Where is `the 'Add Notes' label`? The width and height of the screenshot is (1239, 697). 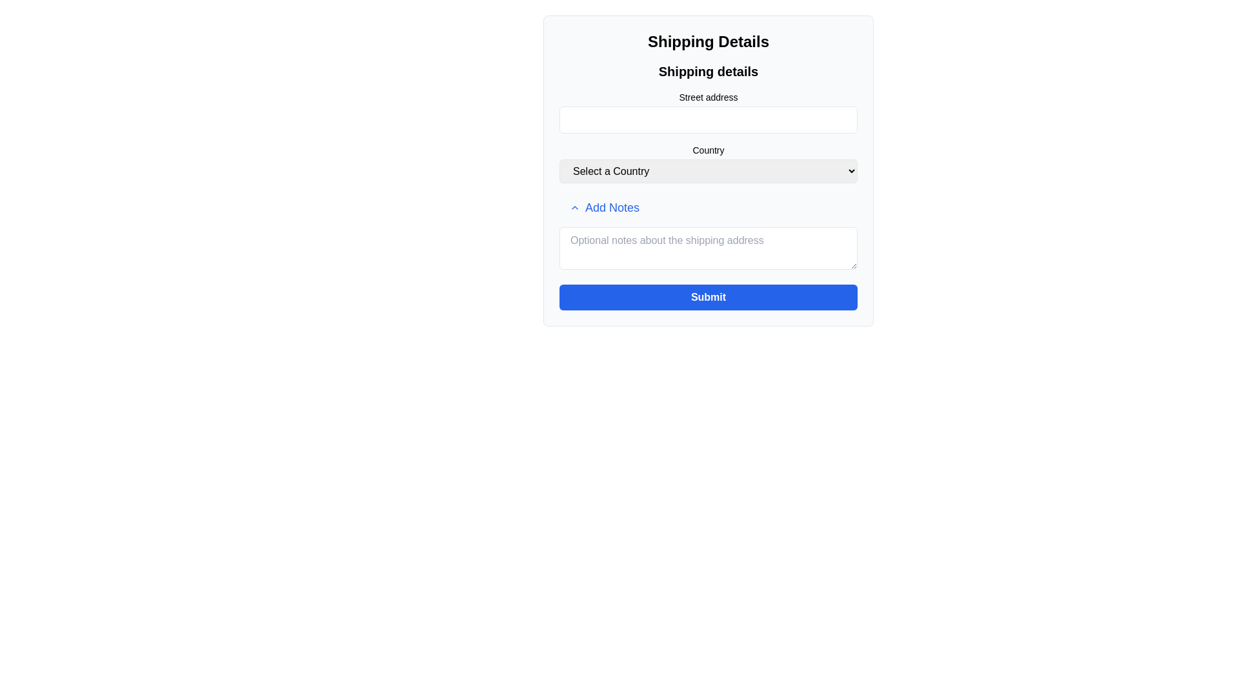
the 'Add Notes' label is located at coordinates (708, 234).